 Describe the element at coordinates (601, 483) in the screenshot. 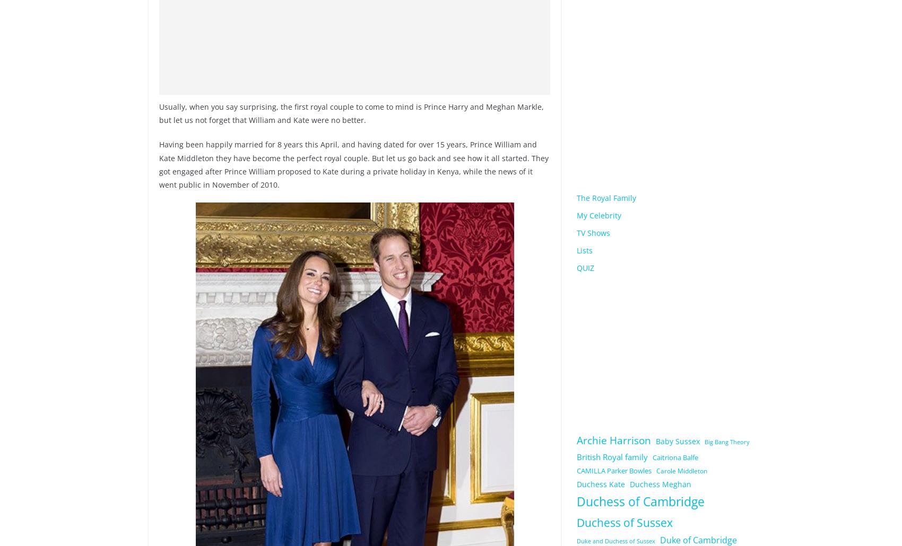

I see `'Duchess Kate'` at that location.